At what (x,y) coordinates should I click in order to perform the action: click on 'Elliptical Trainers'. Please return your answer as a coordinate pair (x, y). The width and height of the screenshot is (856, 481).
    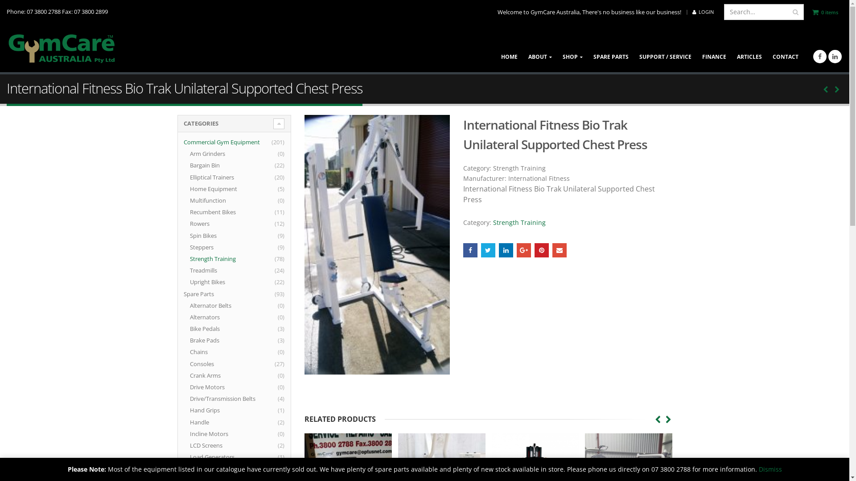
    Looking at the image, I should click on (218, 177).